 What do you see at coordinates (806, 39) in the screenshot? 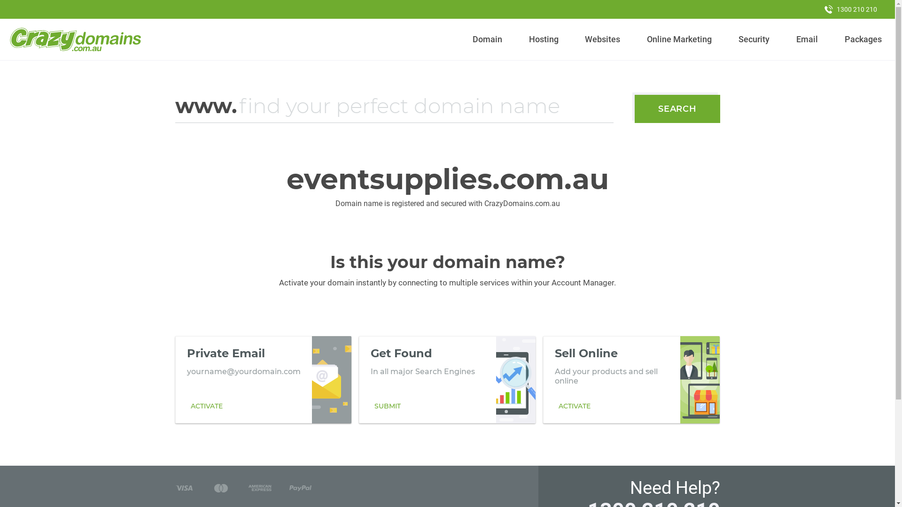
I see `'Email'` at bounding box center [806, 39].